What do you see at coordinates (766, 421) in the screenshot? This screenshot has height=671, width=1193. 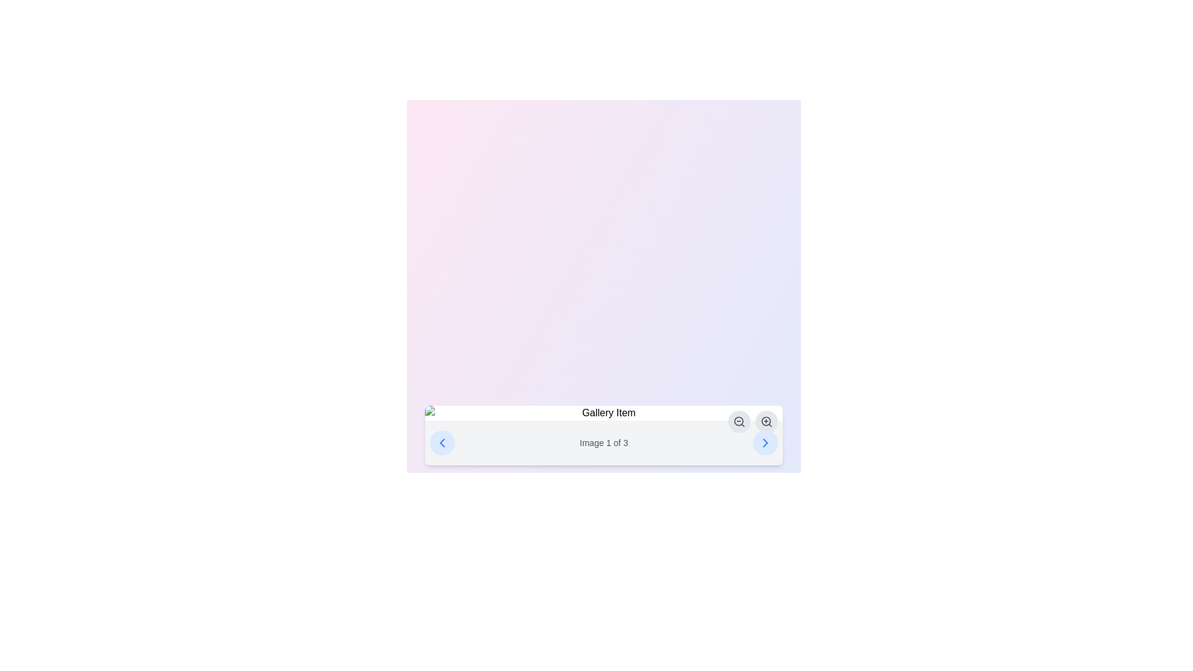 I see `the Zoom-in action icon, which resembles a magnifying glass with a plus sign inside a circular button, located in the bottom-right section of the interface` at bounding box center [766, 421].